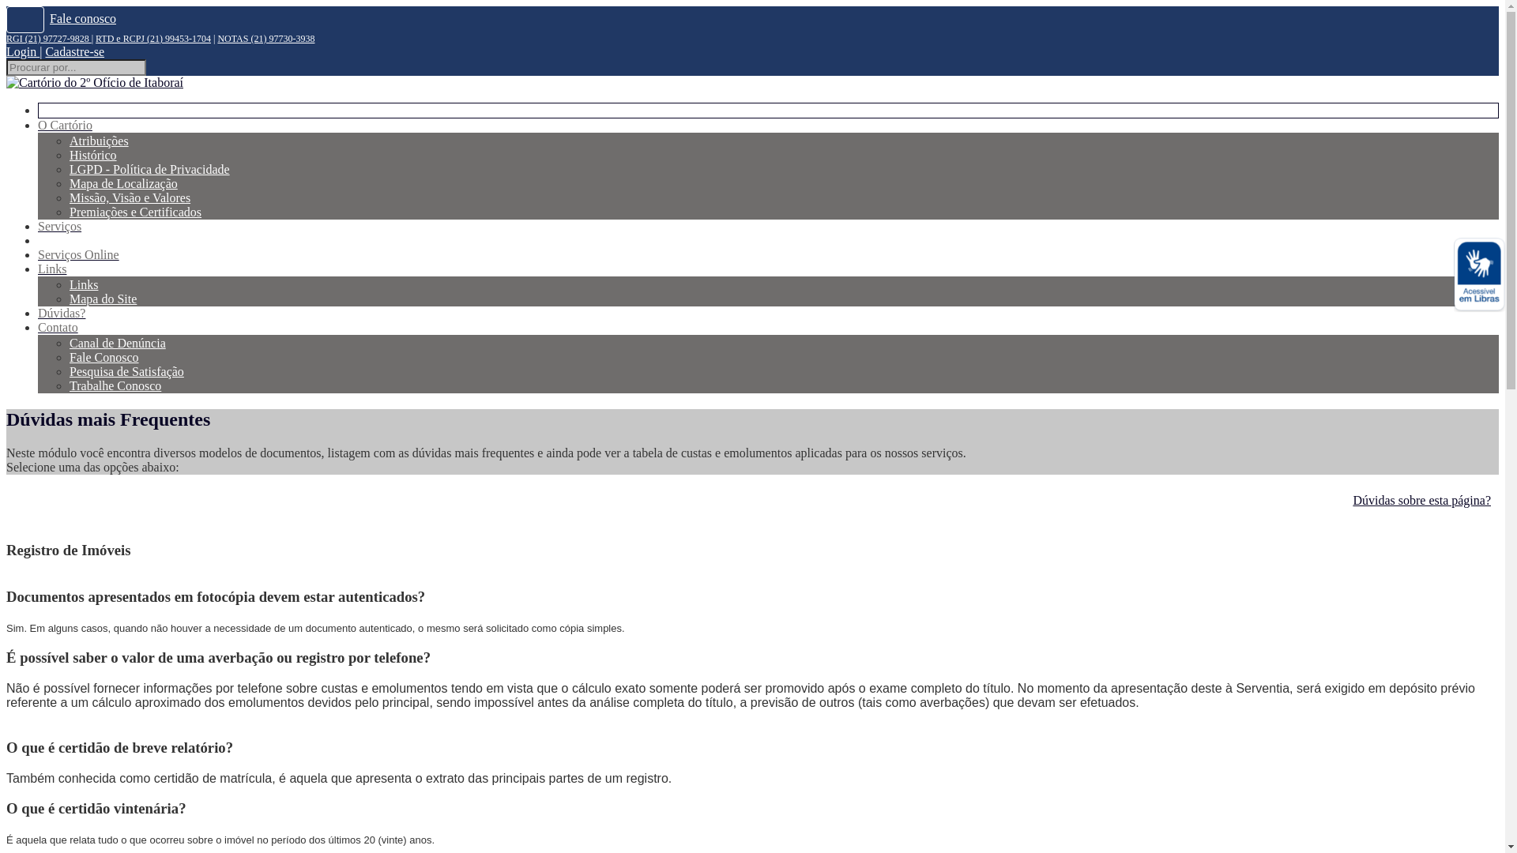  Describe the element at coordinates (73, 51) in the screenshot. I see `'Cadastre-se'` at that location.